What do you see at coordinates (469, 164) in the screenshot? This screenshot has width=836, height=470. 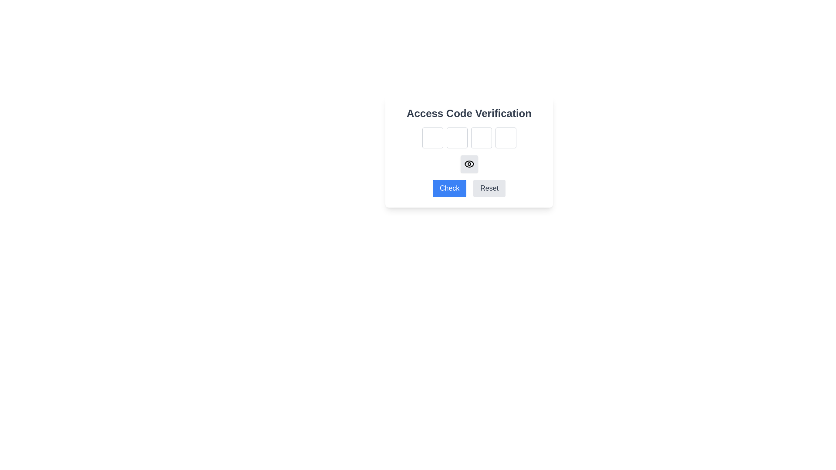 I see `the button with an eye icon` at bounding box center [469, 164].